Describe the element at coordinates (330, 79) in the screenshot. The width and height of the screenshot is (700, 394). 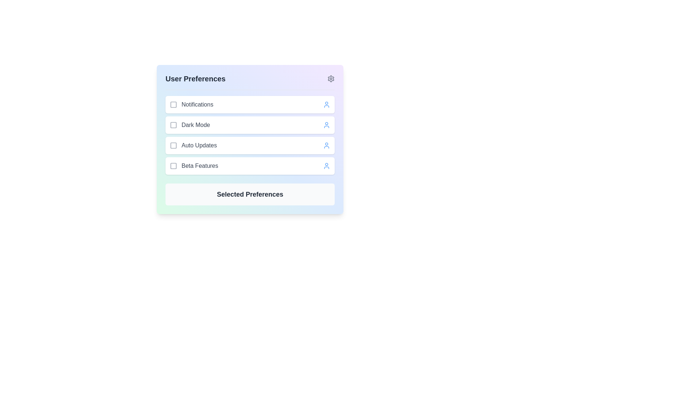
I see `the gray gear icon located in the header section labeled 'User Preferences' at the top right corner` at that location.